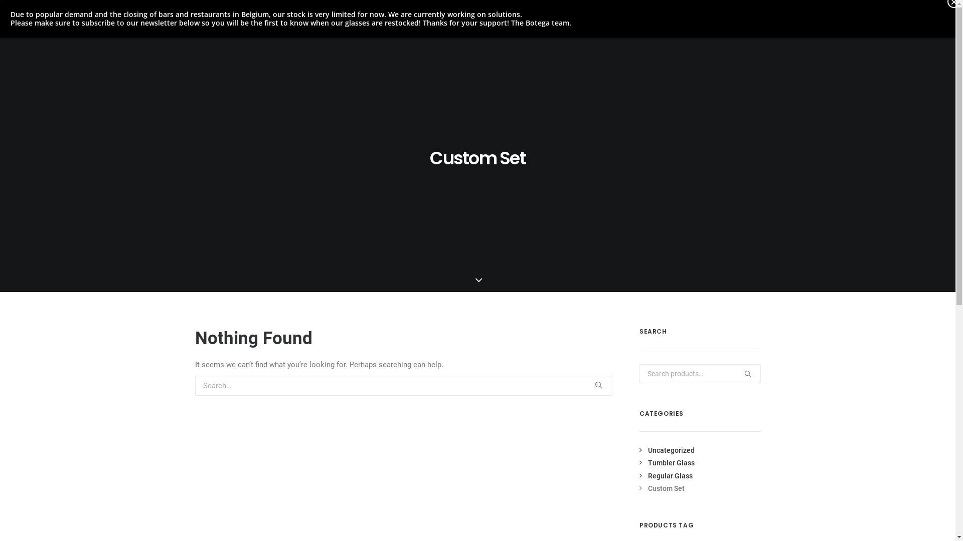 The image size is (963, 541). Describe the element at coordinates (639, 475) in the screenshot. I see `'Regular Glass'` at that location.